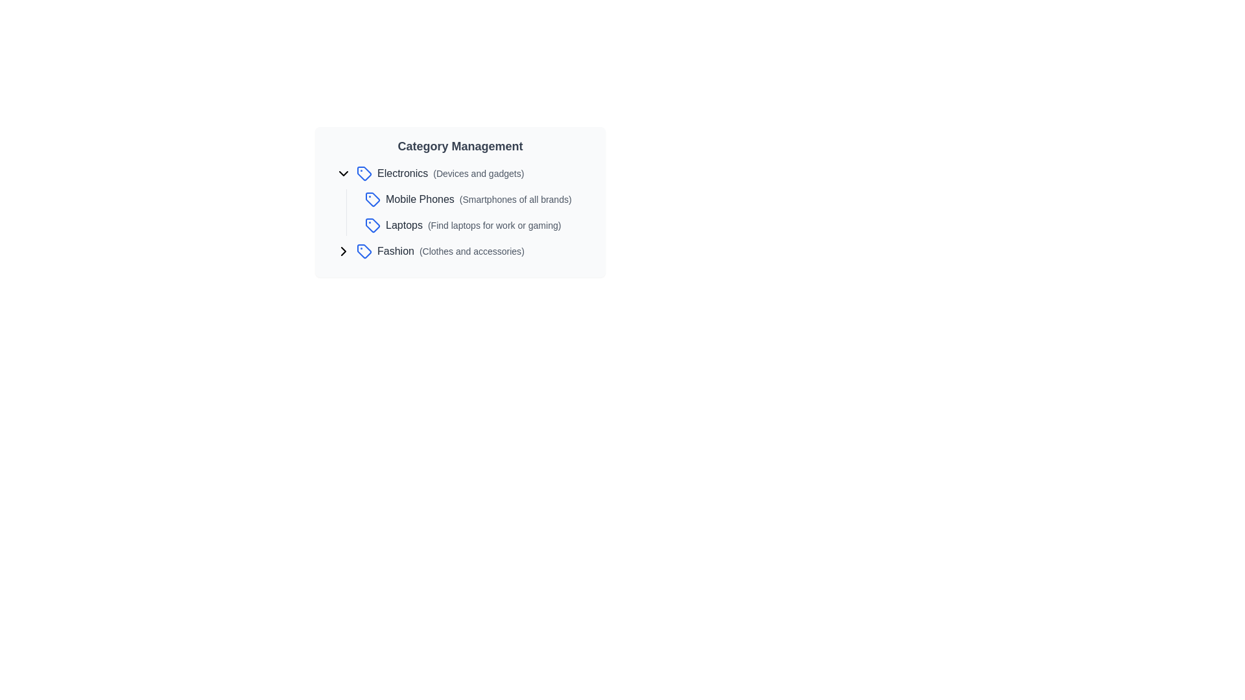 The width and height of the screenshot is (1245, 700). Describe the element at coordinates (372, 224) in the screenshot. I see `the blue tag icon located to the left of the text 'Laptops' in the list item labeled 'Laptops (Find laptops for work or gaming)'` at that location.